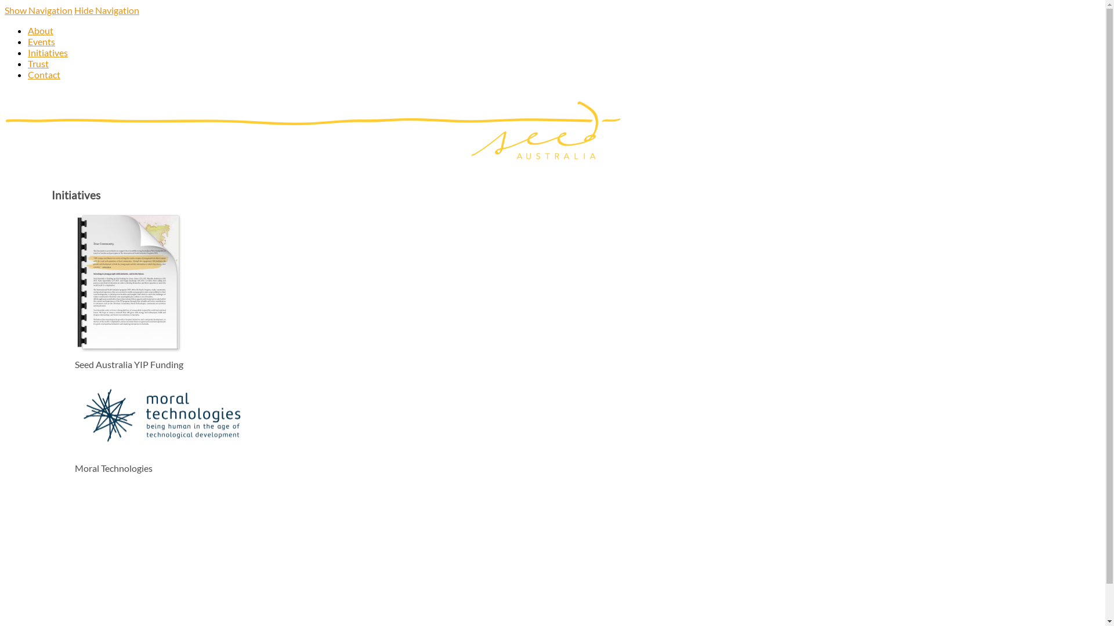 The image size is (1114, 626). Describe the element at coordinates (38, 10) in the screenshot. I see `'Show Navigation'` at that location.